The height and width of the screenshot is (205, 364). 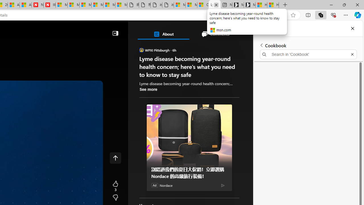 What do you see at coordinates (308, 15) in the screenshot?
I see `'Split screen'` at bounding box center [308, 15].